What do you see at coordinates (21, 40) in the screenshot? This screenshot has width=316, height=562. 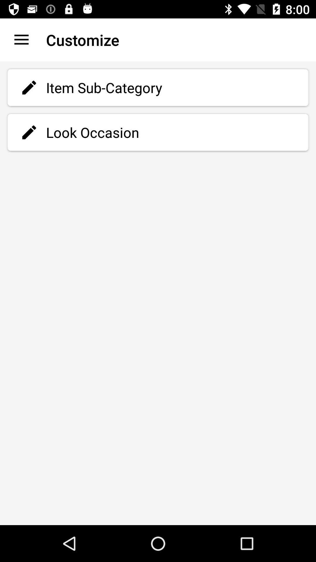 I see `item to the left of the customize icon` at bounding box center [21, 40].